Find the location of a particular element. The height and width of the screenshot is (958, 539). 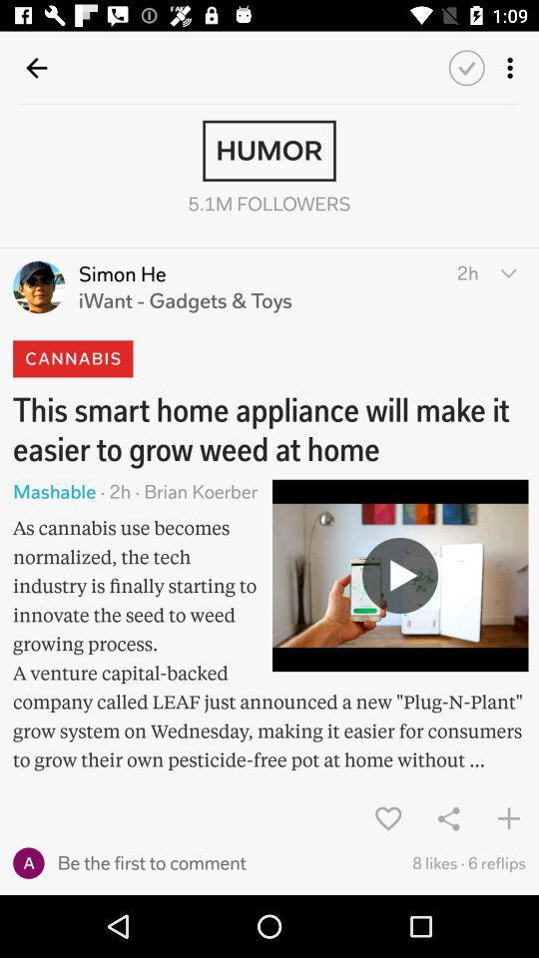

the avatar icon is located at coordinates (39, 286).